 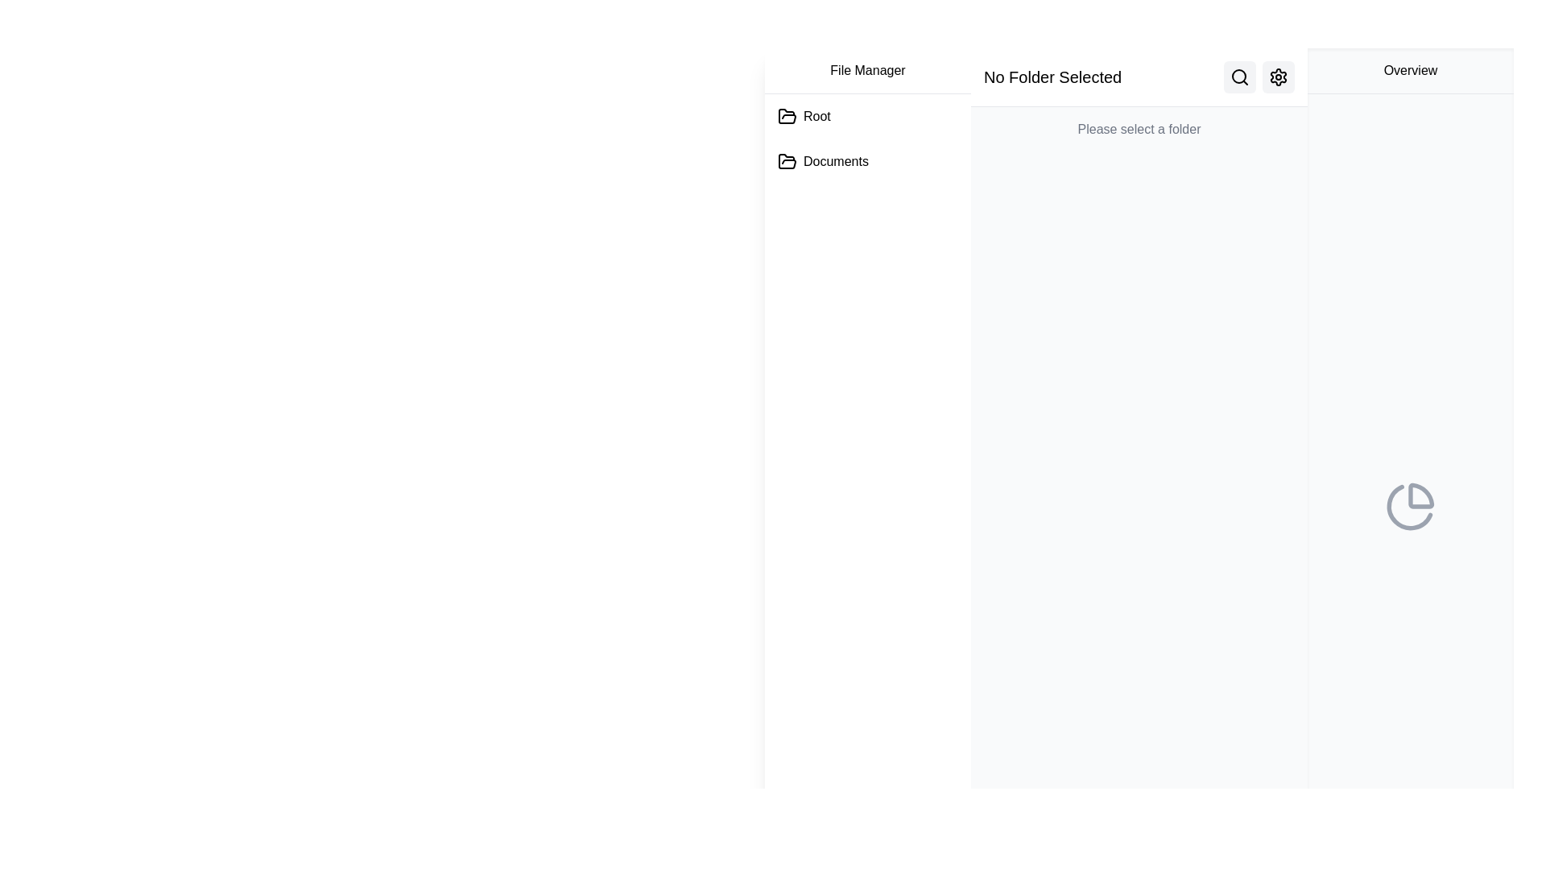 What do you see at coordinates (1278, 77) in the screenshot?
I see `the settings button, which is a rounded rectangular button with a gear icon, located at the top-right corner of the interface` at bounding box center [1278, 77].